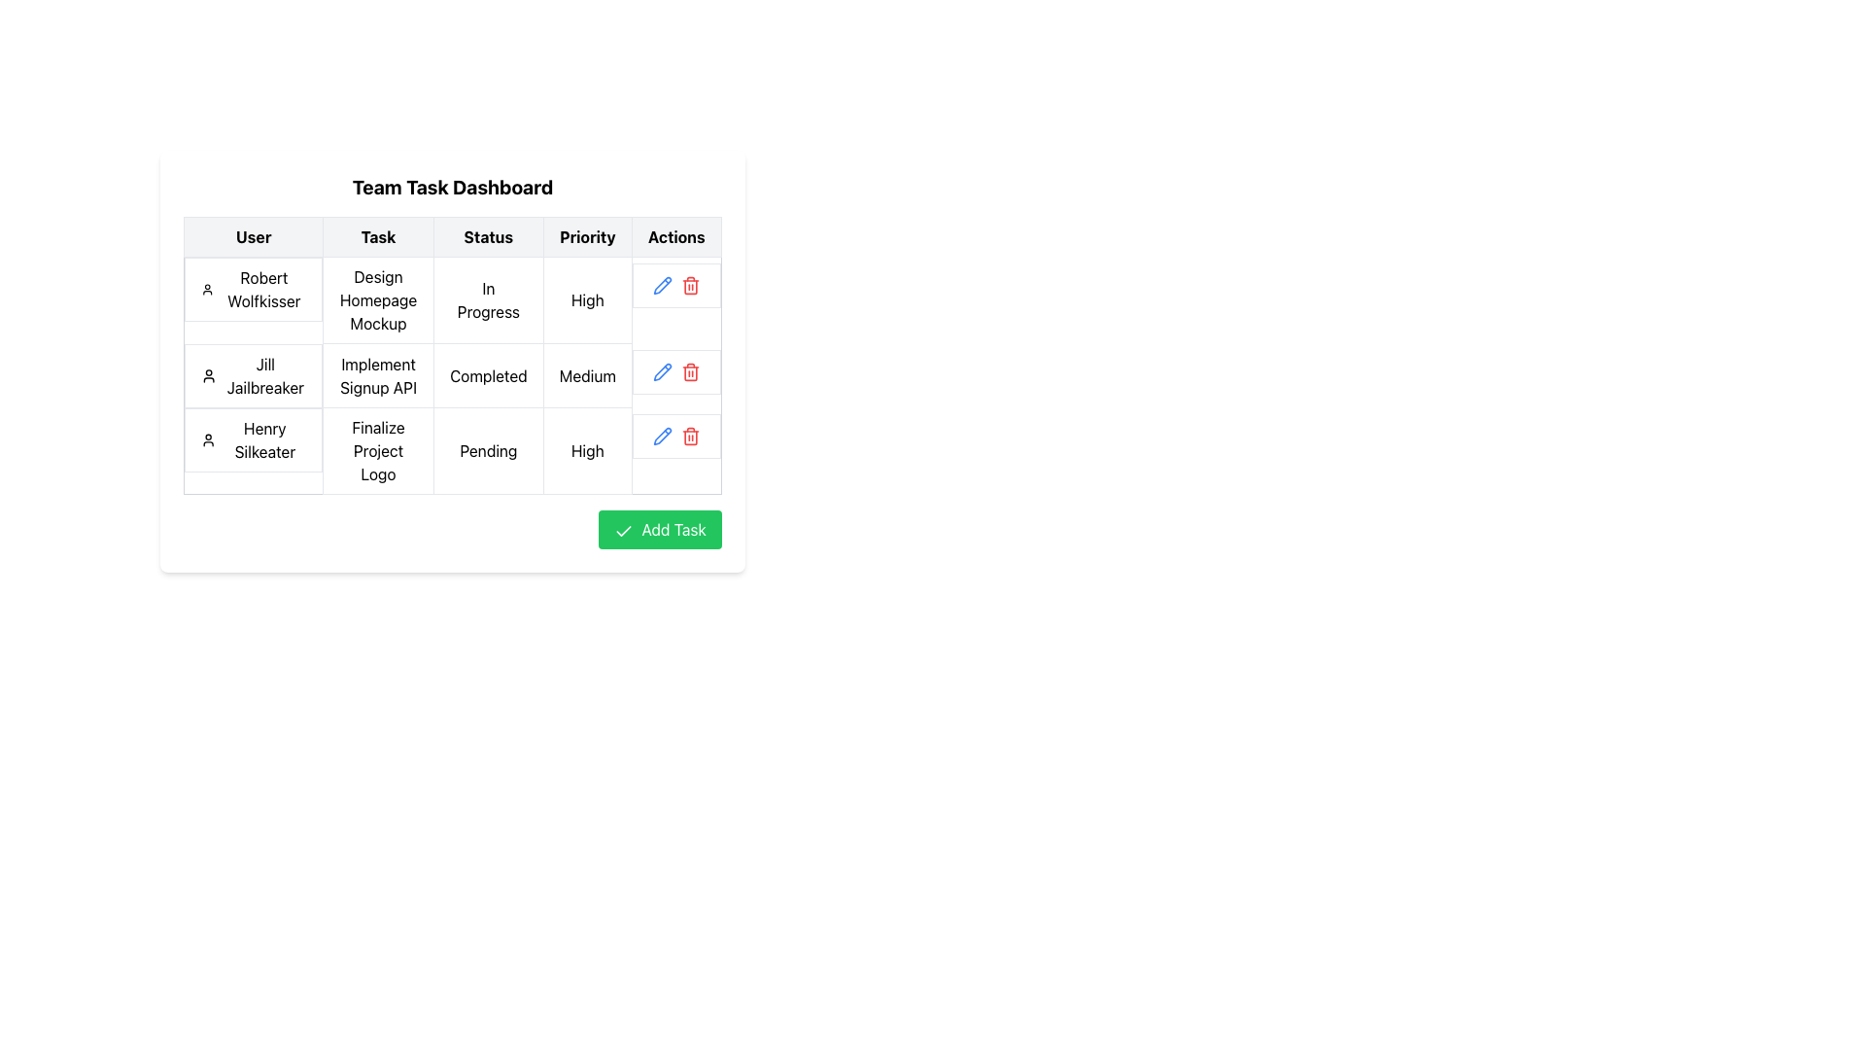  I want to click on the green checkmark icon located inside the 'Add Task' button at the bottom right of the main task dashboard interface, so click(624, 531).